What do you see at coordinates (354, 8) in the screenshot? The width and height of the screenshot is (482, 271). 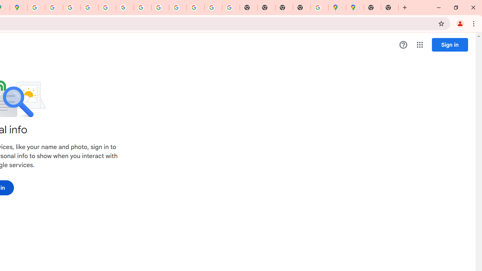 I see `'Google Maps'` at bounding box center [354, 8].